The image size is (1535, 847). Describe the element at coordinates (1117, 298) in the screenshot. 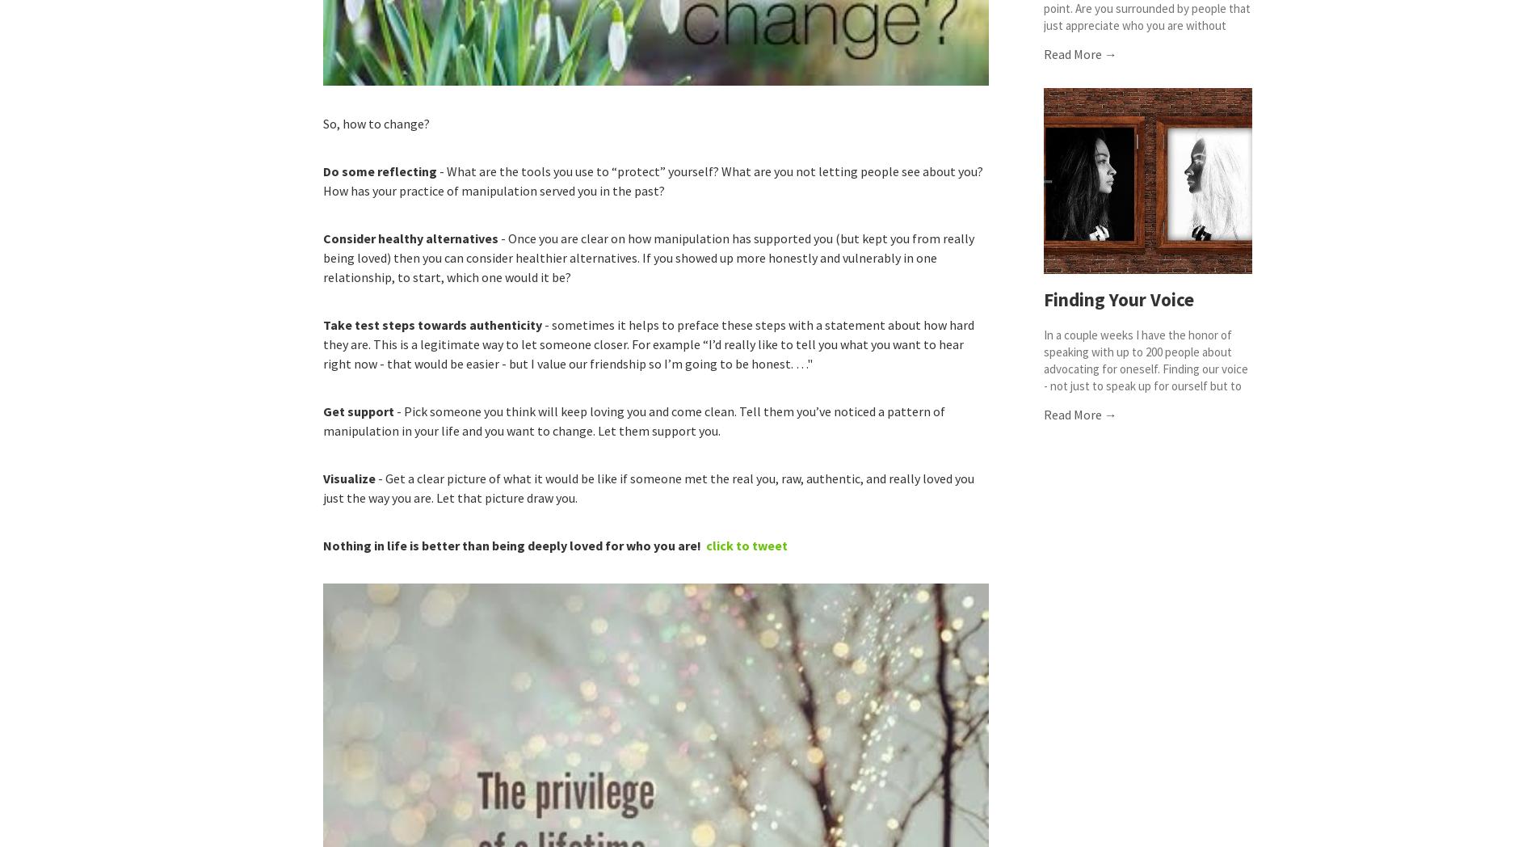

I see `'Finding Your Voice'` at that location.